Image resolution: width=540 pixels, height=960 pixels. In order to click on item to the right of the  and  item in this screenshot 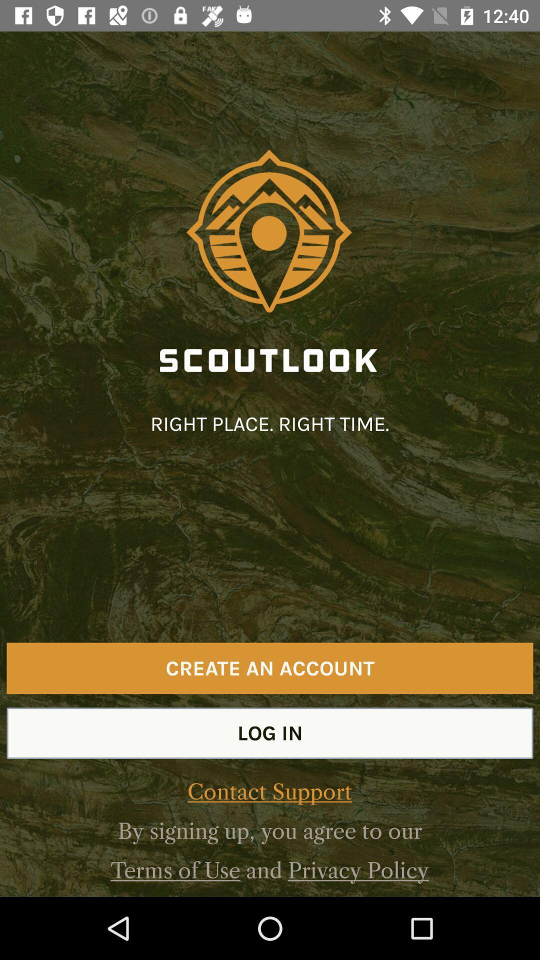, I will do `click(358, 870)`.